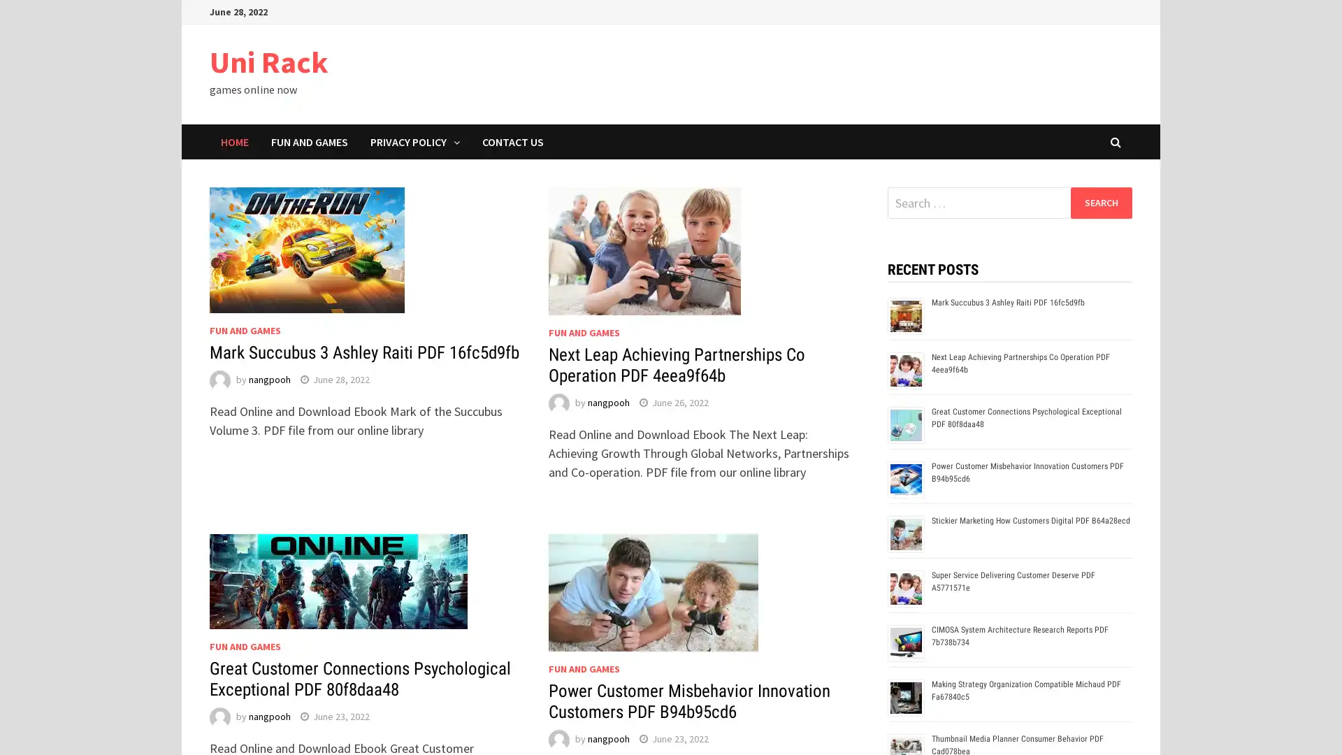 This screenshot has width=1342, height=755. I want to click on Search, so click(1100, 202).